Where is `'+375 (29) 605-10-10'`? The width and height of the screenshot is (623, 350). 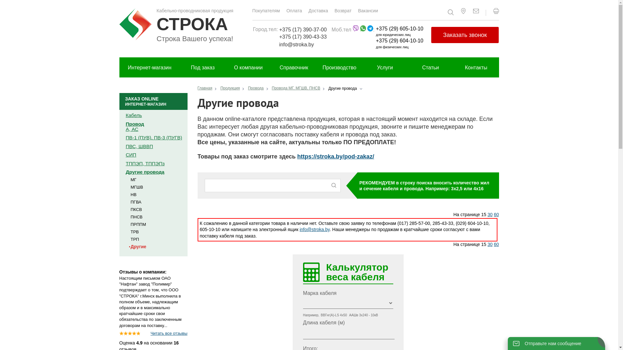
'+375 (29) 605-10-10' is located at coordinates (399, 28).